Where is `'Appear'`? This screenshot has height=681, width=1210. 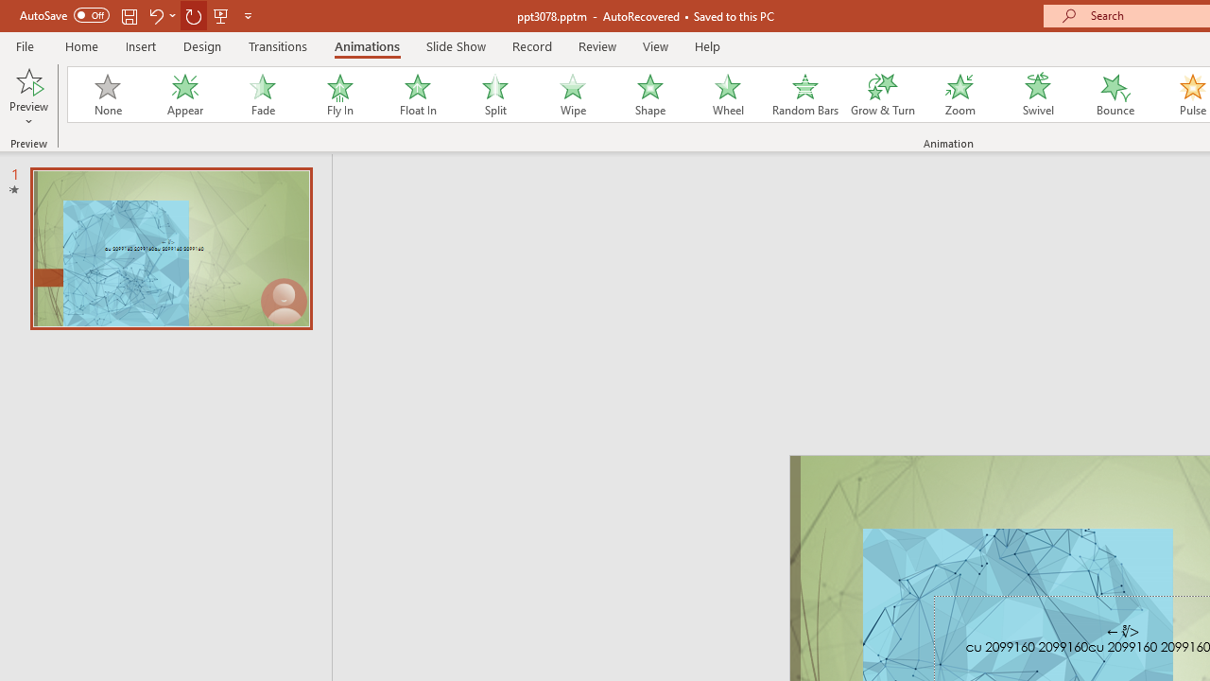 'Appear' is located at coordinates (184, 95).